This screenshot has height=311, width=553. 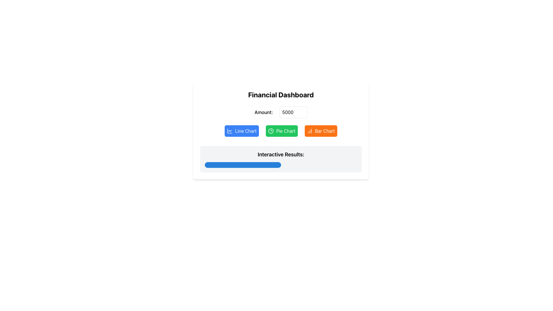 What do you see at coordinates (282, 131) in the screenshot?
I see `the middle button in the group of three buttons` at bounding box center [282, 131].